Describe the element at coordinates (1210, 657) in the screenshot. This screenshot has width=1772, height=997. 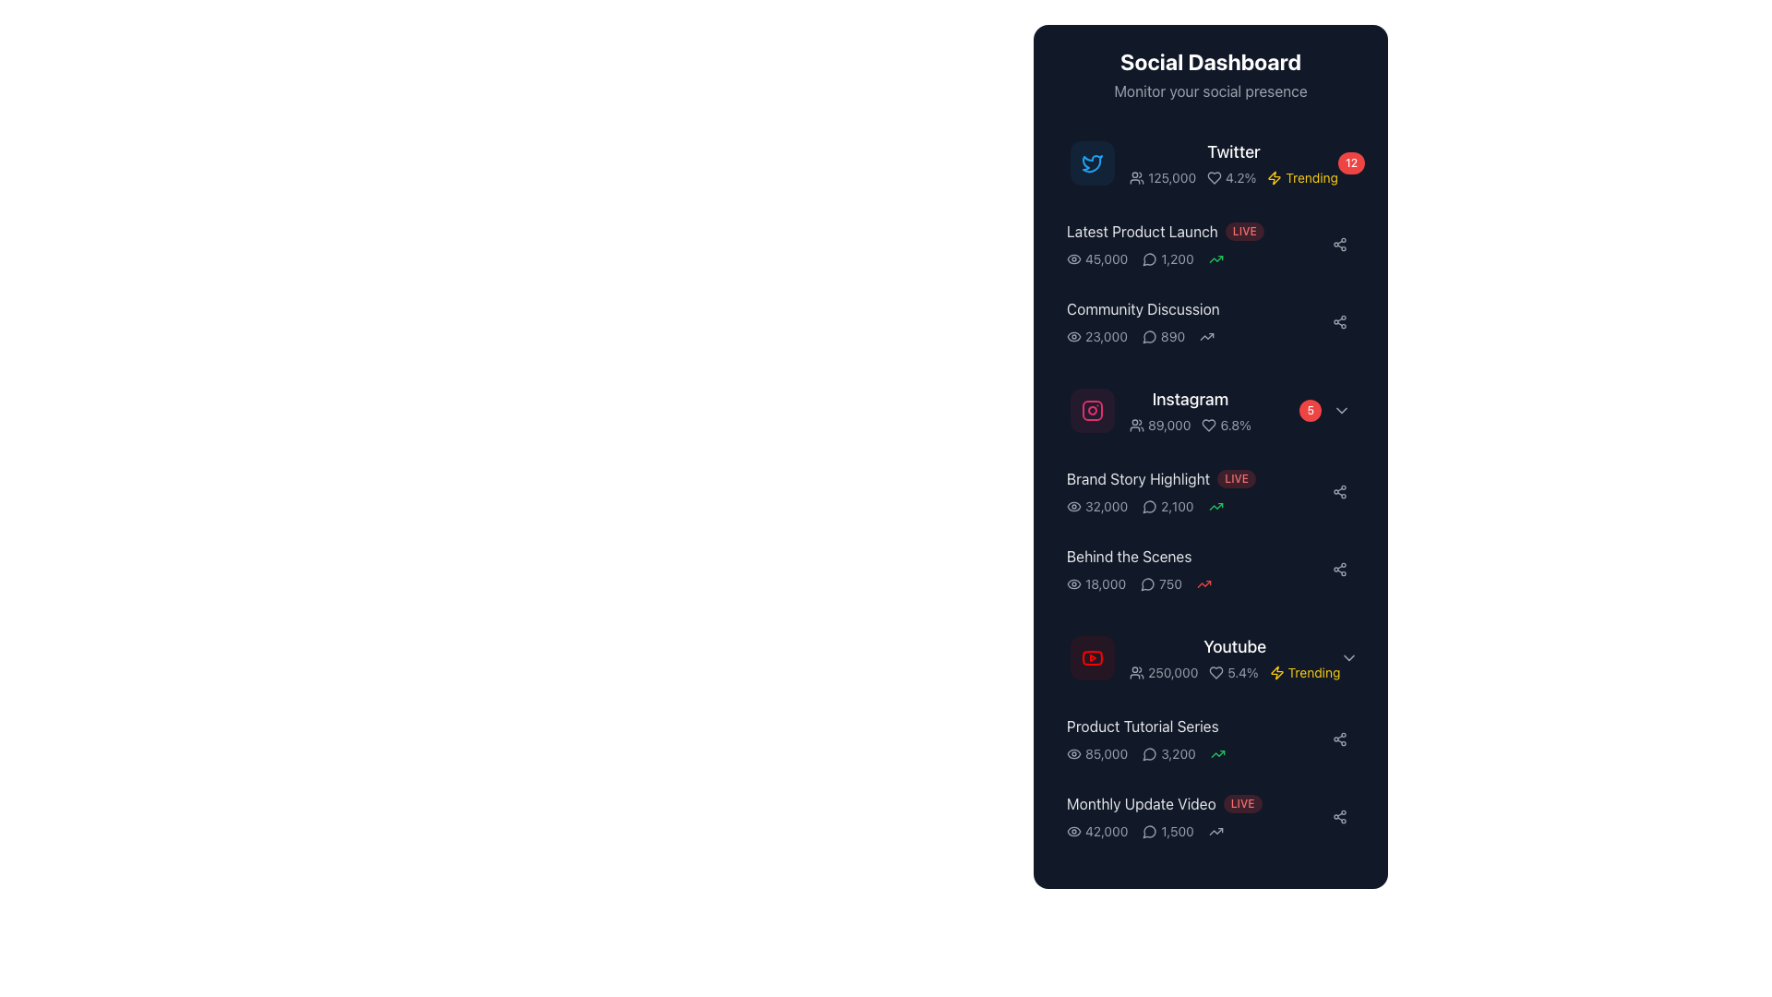
I see `the fourth interactive card in the YouTube metrics dashboard` at that location.